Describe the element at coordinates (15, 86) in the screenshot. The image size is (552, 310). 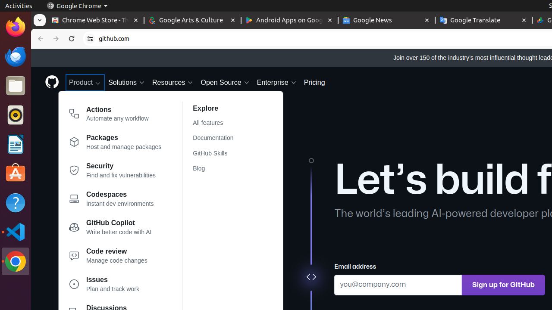
I see `'Files'` at that location.